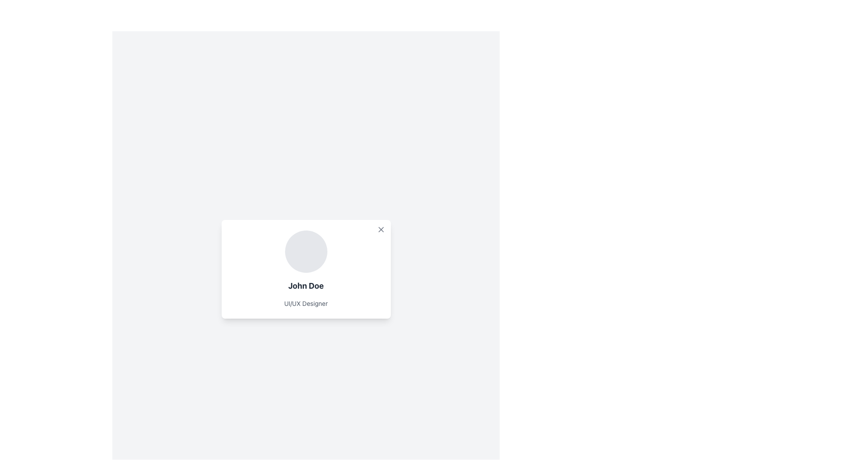 The width and height of the screenshot is (846, 476). I want to click on displayed text 'John Doe' which is in bold, large font and dark gray color, positioned centrally below the avatar in a card layout, so click(306, 286).